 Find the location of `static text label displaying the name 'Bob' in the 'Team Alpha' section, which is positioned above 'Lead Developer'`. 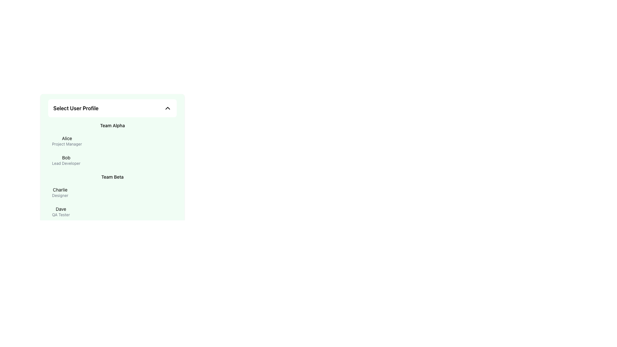

static text label displaying the name 'Bob' in the 'Team Alpha' section, which is positioned above 'Lead Developer' is located at coordinates (66, 157).